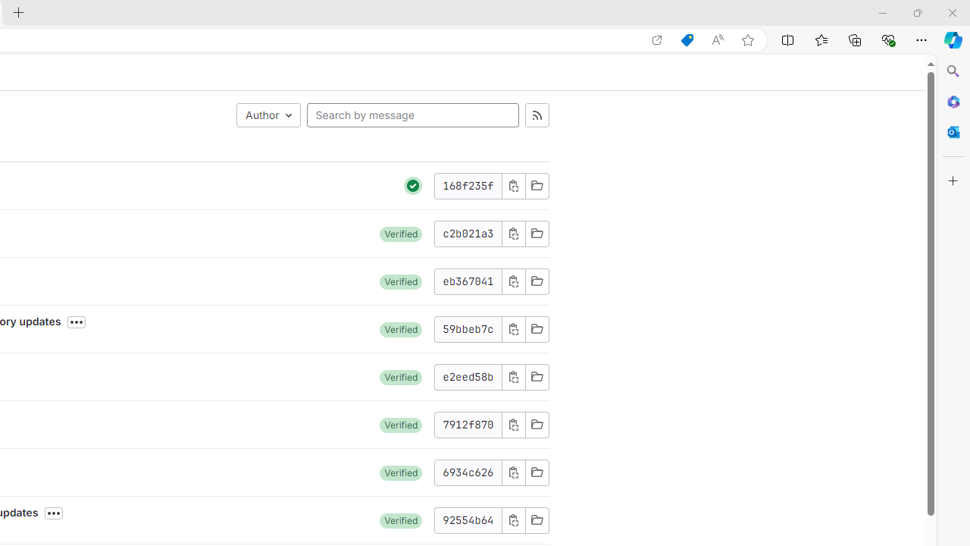 Image resolution: width=970 pixels, height=546 pixels. I want to click on 'Search by message', so click(412, 114).